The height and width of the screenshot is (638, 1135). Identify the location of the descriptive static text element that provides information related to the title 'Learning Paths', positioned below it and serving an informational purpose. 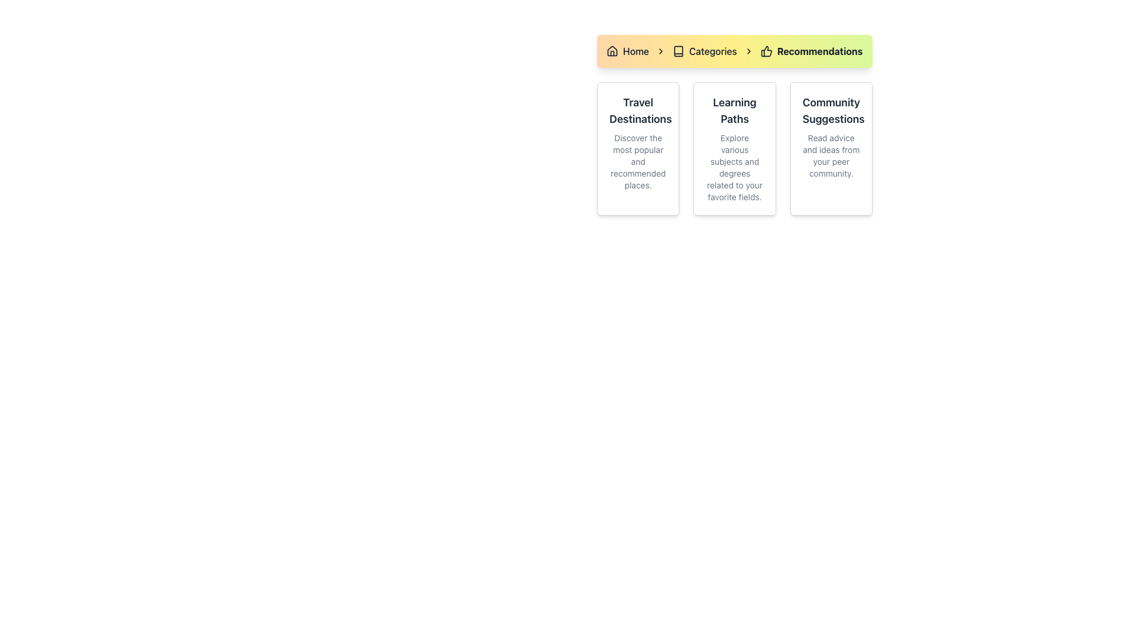
(734, 168).